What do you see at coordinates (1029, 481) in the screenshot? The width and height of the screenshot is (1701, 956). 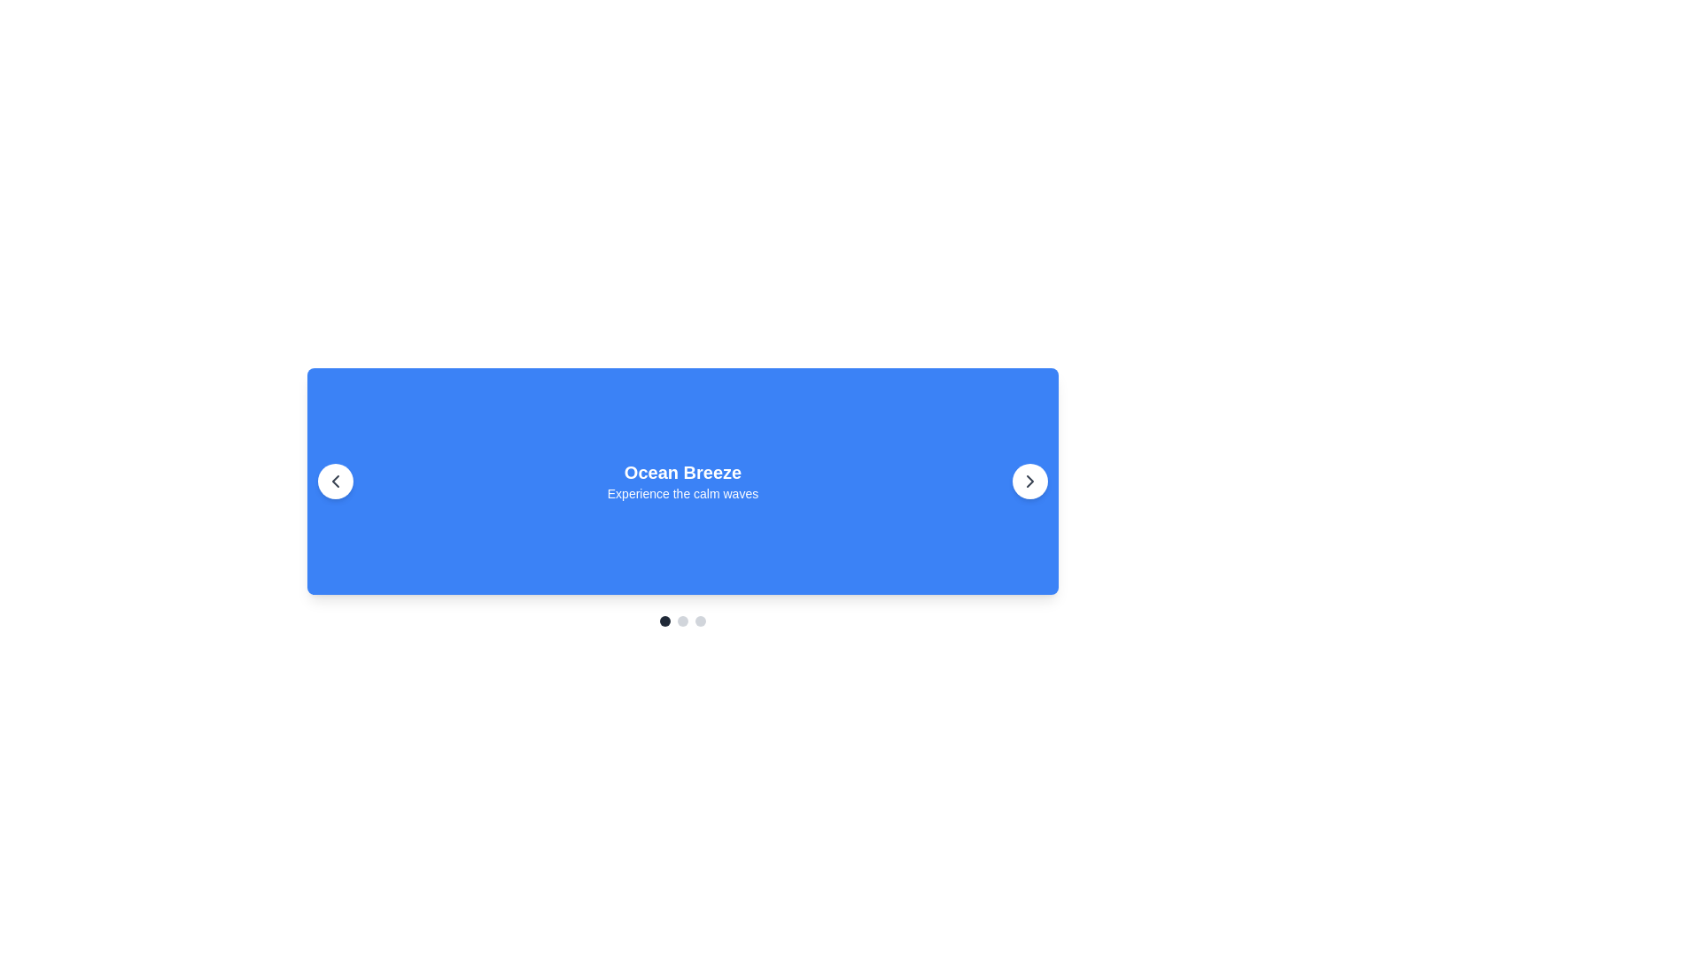 I see `the forward navigation button located on the right side of the carousel interface to trigger hover effects` at bounding box center [1029, 481].